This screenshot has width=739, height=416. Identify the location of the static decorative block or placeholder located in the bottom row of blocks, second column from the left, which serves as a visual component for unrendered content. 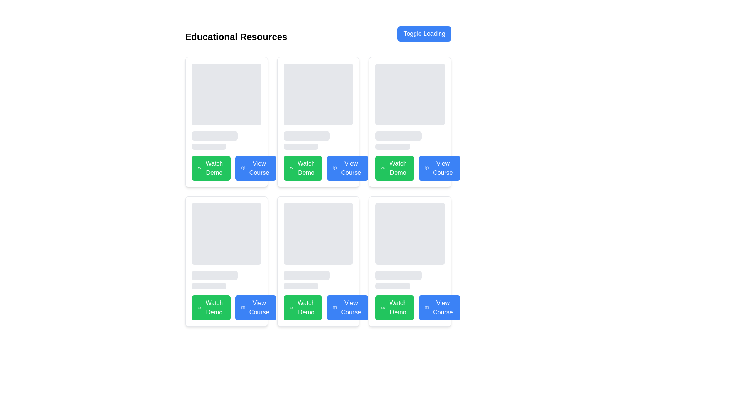
(226, 233).